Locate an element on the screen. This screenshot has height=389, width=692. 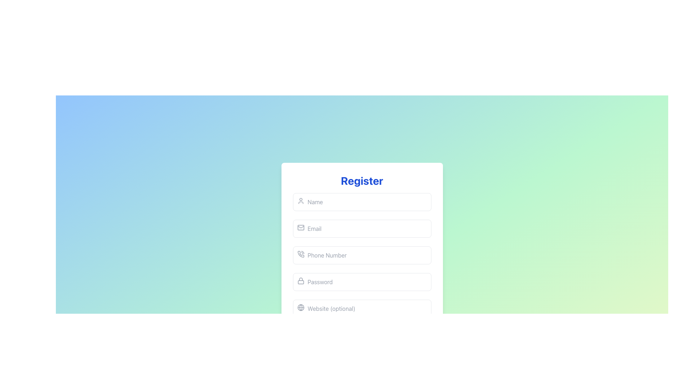
the small, rounded rectangular shape located within the mail envelope icon in the Email input area of the registration form is located at coordinates (301, 228).